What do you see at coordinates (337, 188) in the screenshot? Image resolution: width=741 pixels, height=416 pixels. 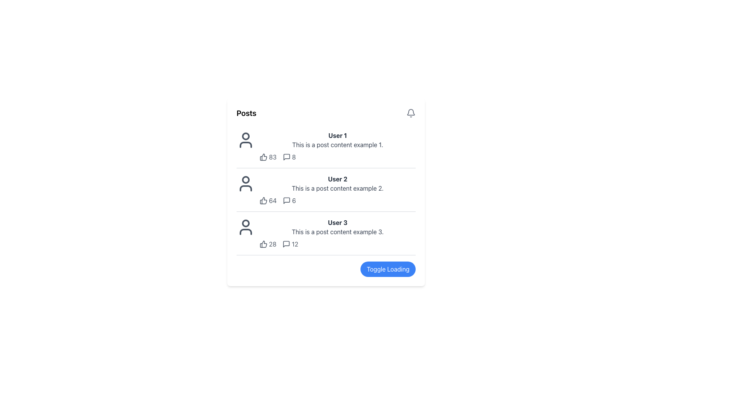 I see `the main content text of the second post, which is located directly below 'User 2' and above interaction counts, to interact with it` at bounding box center [337, 188].